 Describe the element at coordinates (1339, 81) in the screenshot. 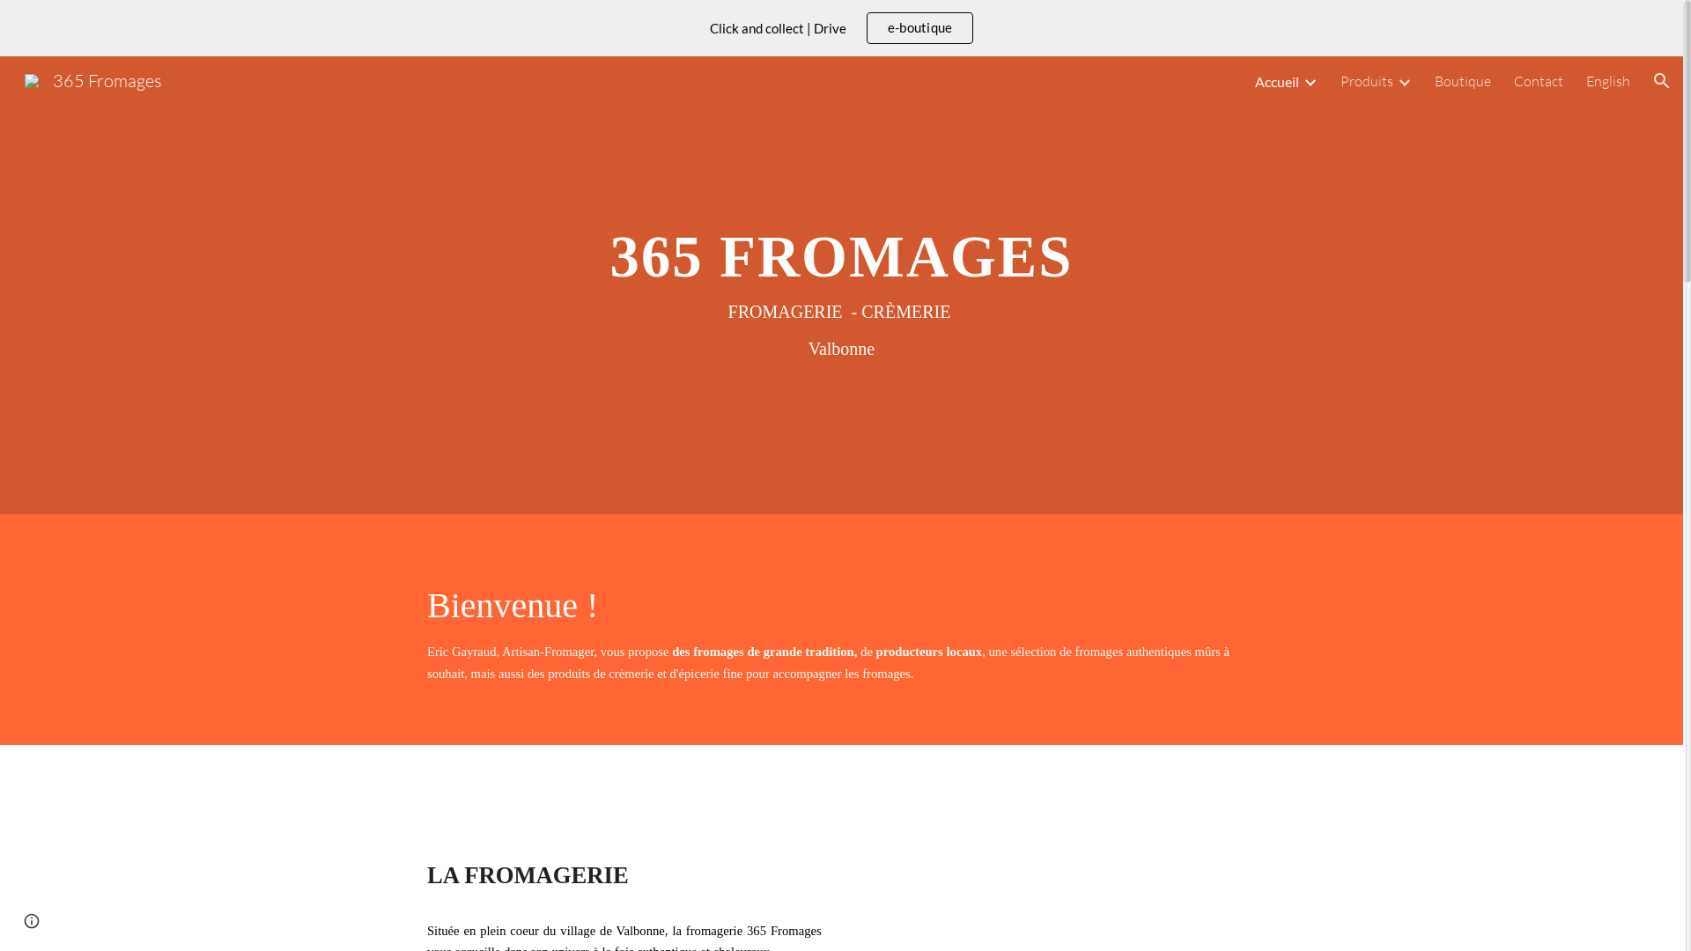

I see `'Produits'` at that location.